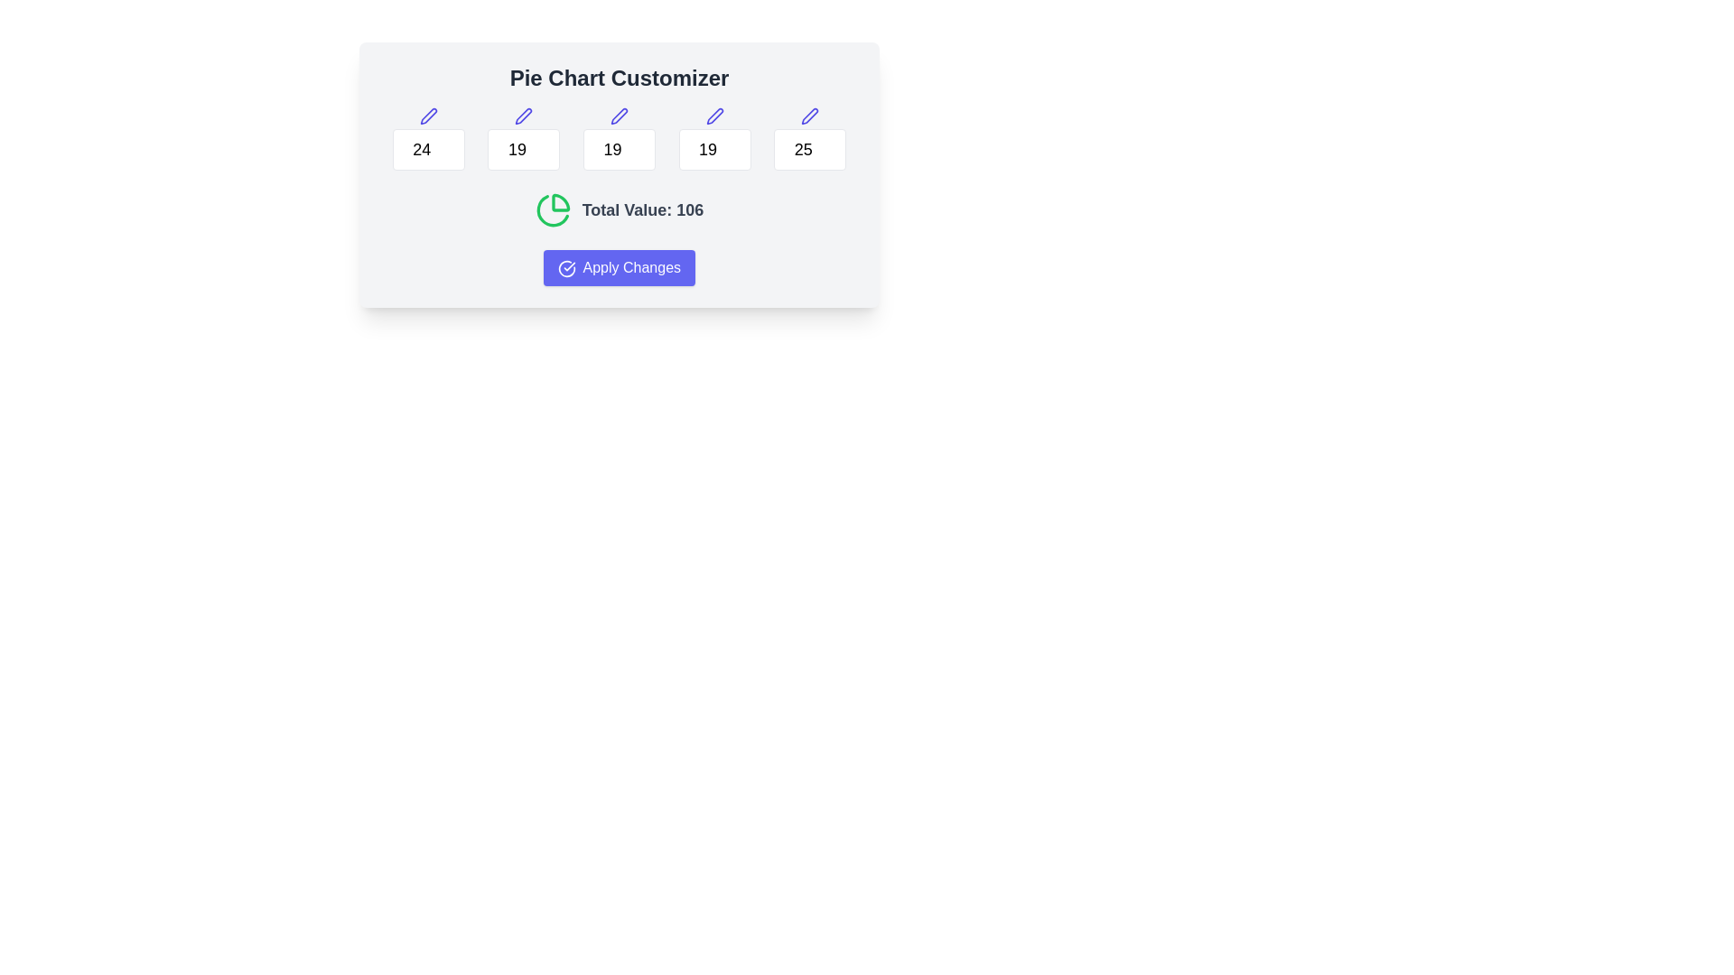  What do you see at coordinates (809, 148) in the screenshot?
I see `the white rectangular Number input field containing the number '25' to focus and edit its value` at bounding box center [809, 148].